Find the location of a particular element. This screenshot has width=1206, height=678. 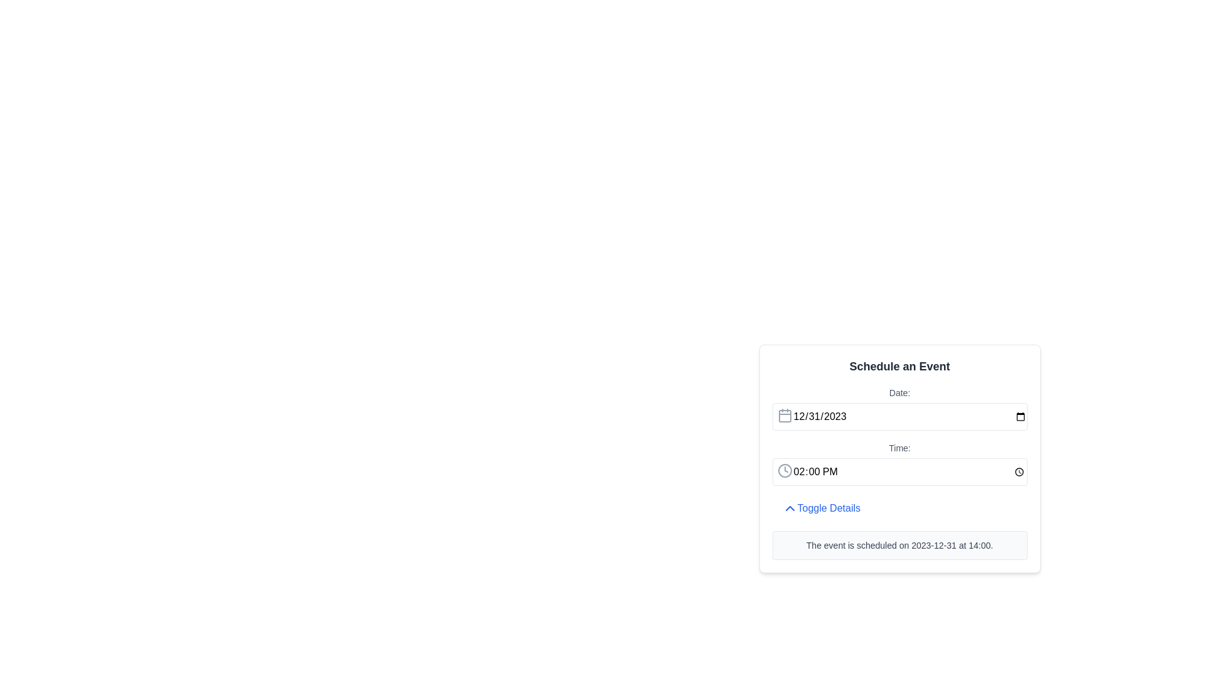

the text display showing the date '2023-12-31' which is part of the sentence 'The event is scheduled on 2023-12-31 at 14:00.' is located at coordinates (934, 544).